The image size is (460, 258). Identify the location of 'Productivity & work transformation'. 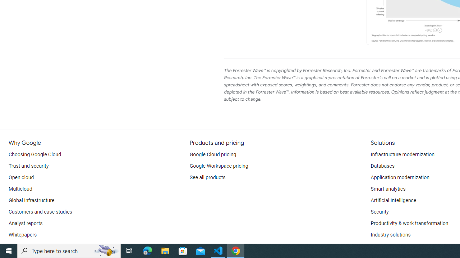
(409, 223).